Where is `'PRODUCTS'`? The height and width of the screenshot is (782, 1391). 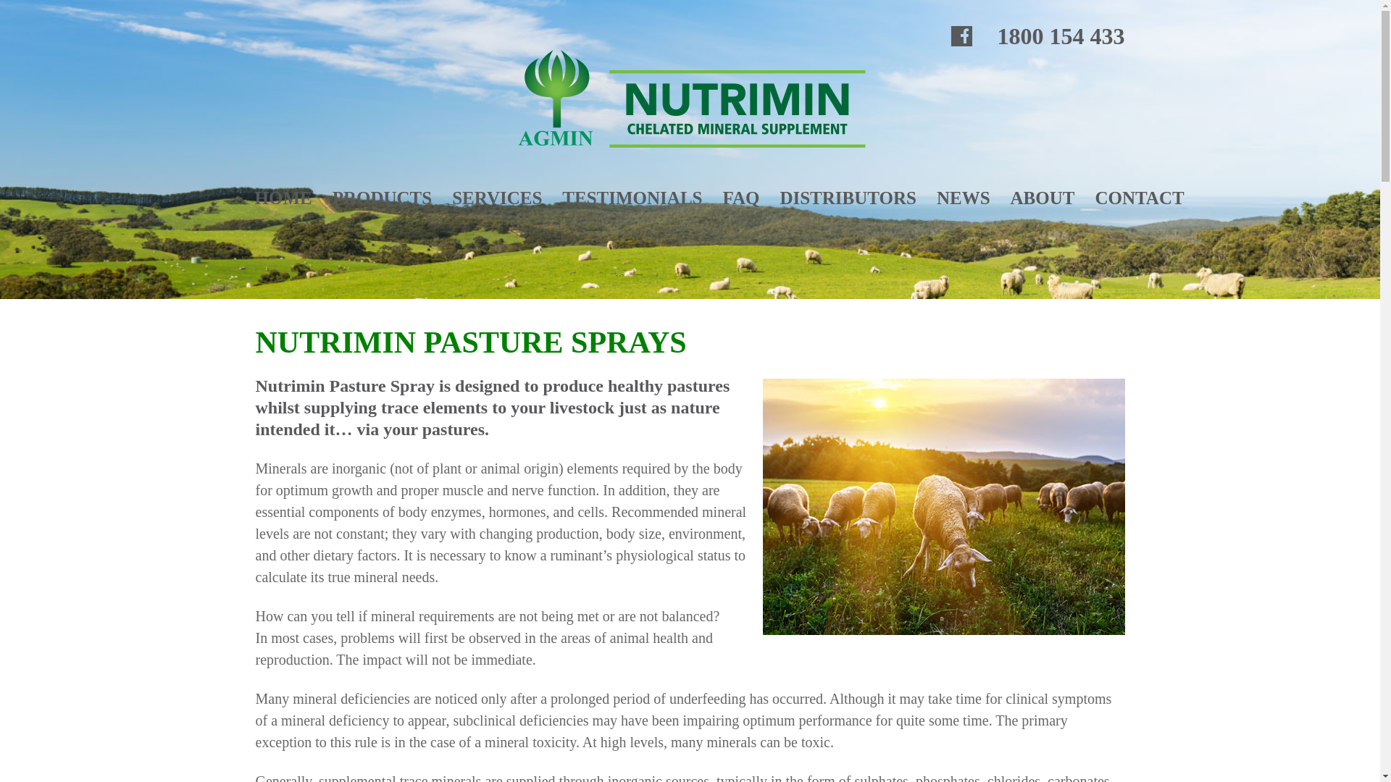 'PRODUCTS' is located at coordinates (383, 198).